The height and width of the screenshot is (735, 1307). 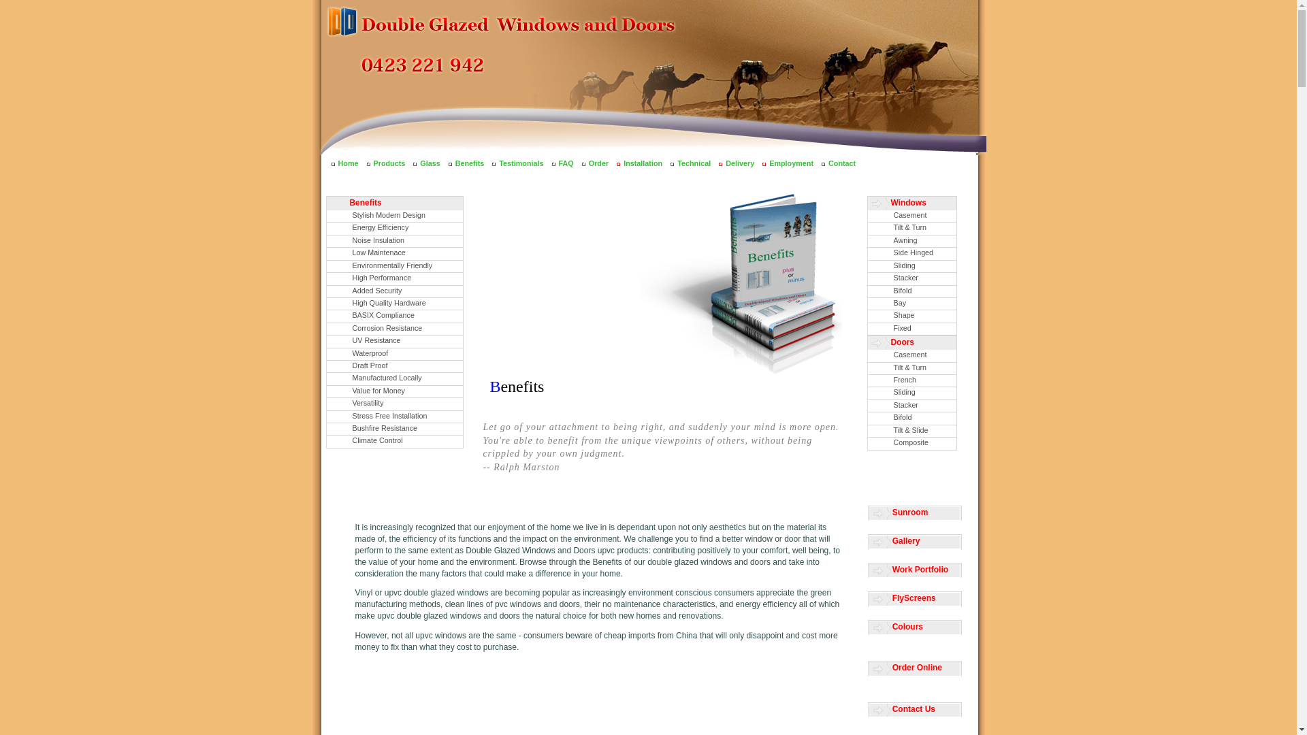 What do you see at coordinates (566, 162) in the screenshot?
I see `'FAQ'` at bounding box center [566, 162].